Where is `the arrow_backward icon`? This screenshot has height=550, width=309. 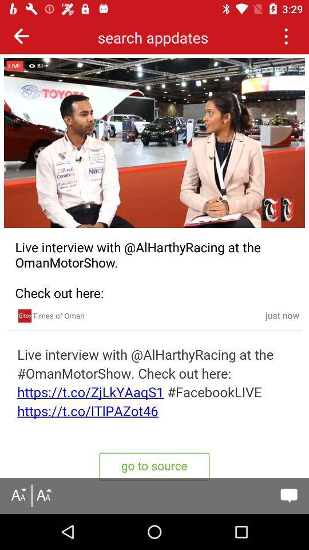 the arrow_backward icon is located at coordinates (21, 36).